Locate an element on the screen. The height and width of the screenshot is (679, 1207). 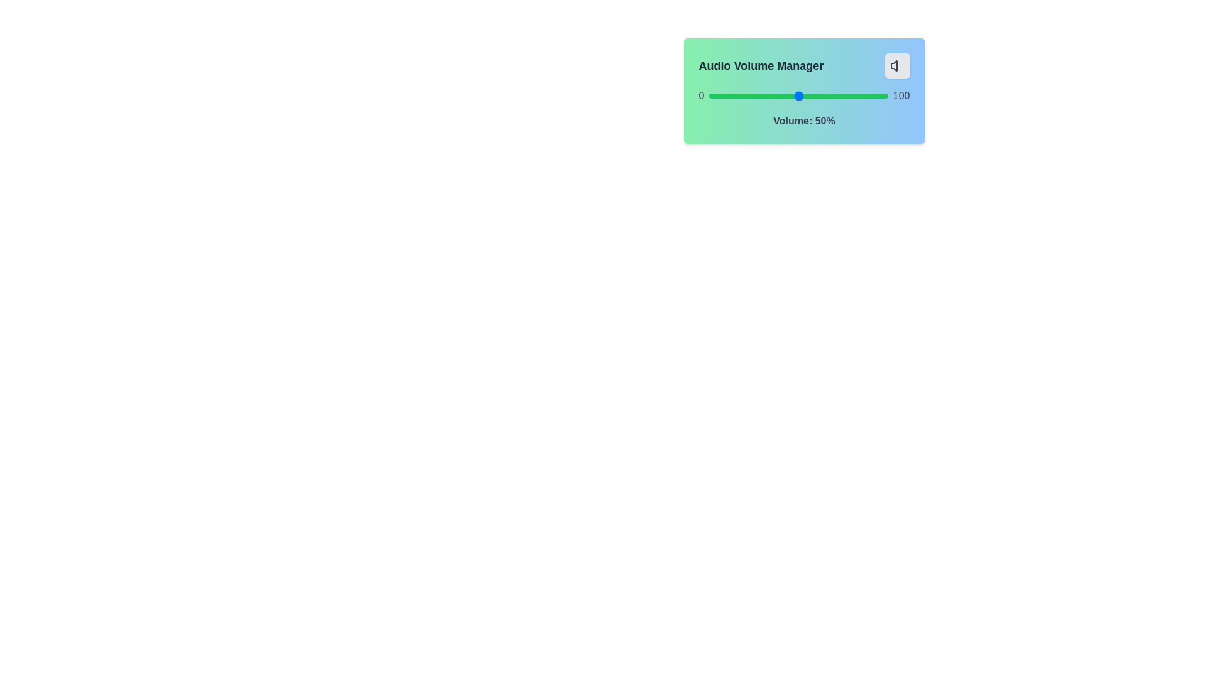
the audio volume is located at coordinates (836, 96).